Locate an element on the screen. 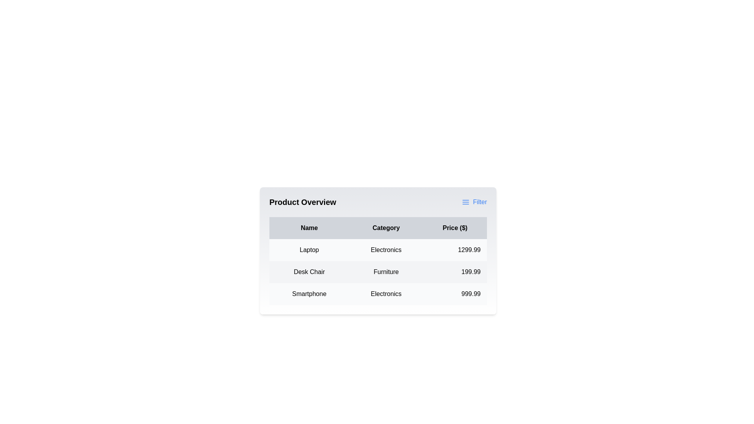 This screenshot has height=424, width=754. the first row of the 'Product Overview' table which displays the product 'Laptop' for additional options or details is located at coordinates (378, 250).